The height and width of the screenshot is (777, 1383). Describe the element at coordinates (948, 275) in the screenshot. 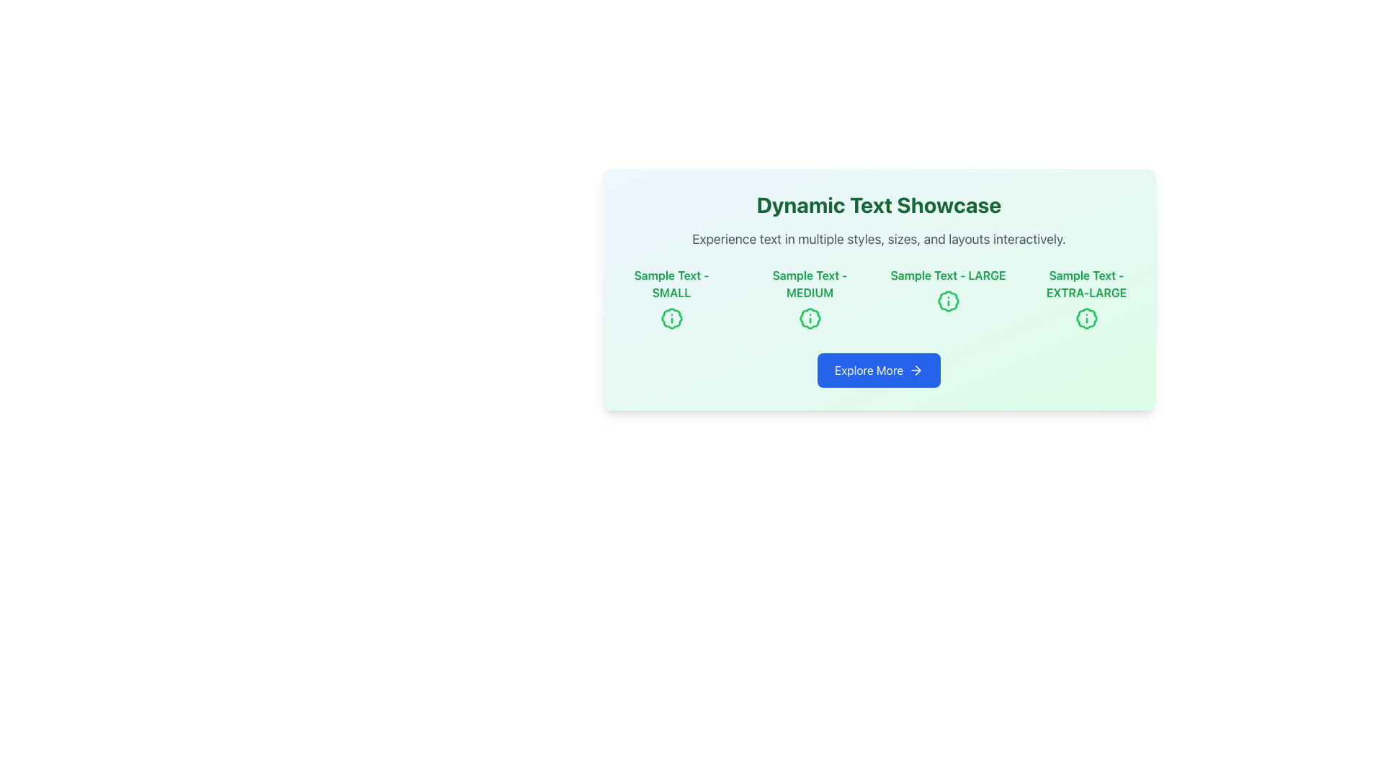

I see `text label displaying 'Sample Text - LARGE' which is styled in large, bold, green font, positioned in the middle-right of the interface` at that location.